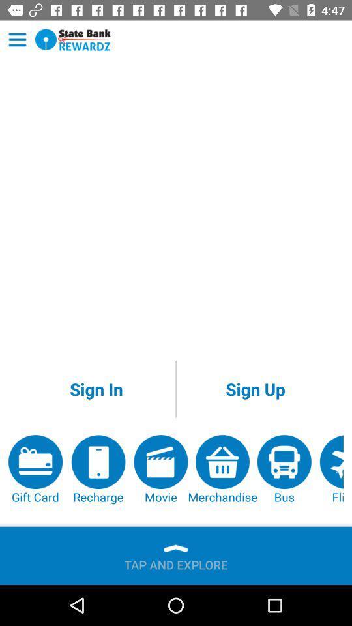 The image size is (352, 626). What do you see at coordinates (73, 40) in the screenshot?
I see `this bank name` at bounding box center [73, 40].